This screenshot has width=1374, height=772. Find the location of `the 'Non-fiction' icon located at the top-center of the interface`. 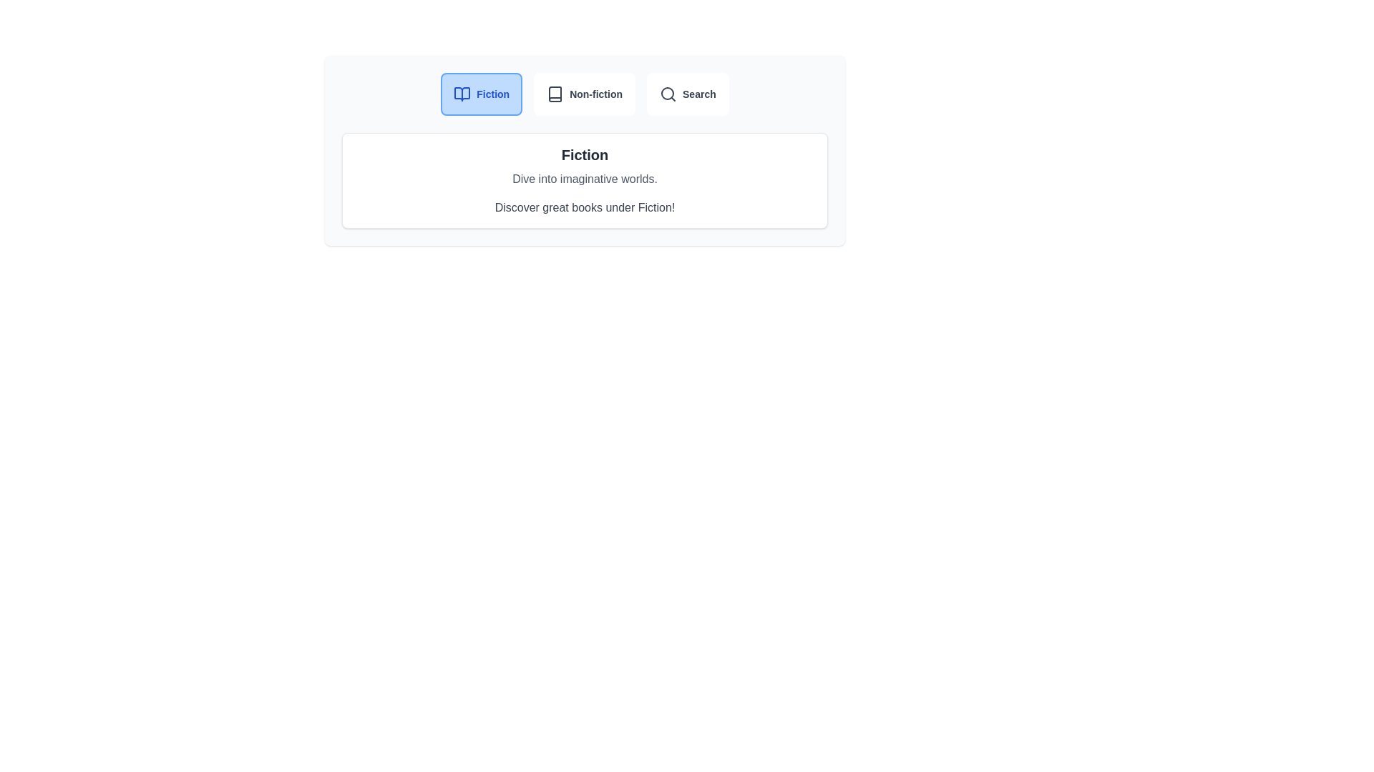

the 'Non-fiction' icon located at the top-center of the interface is located at coordinates (555, 94).